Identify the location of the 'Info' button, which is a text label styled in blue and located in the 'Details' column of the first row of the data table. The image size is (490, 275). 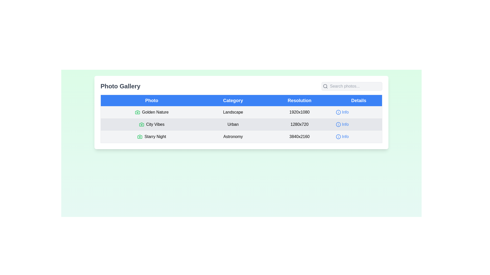
(342, 112).